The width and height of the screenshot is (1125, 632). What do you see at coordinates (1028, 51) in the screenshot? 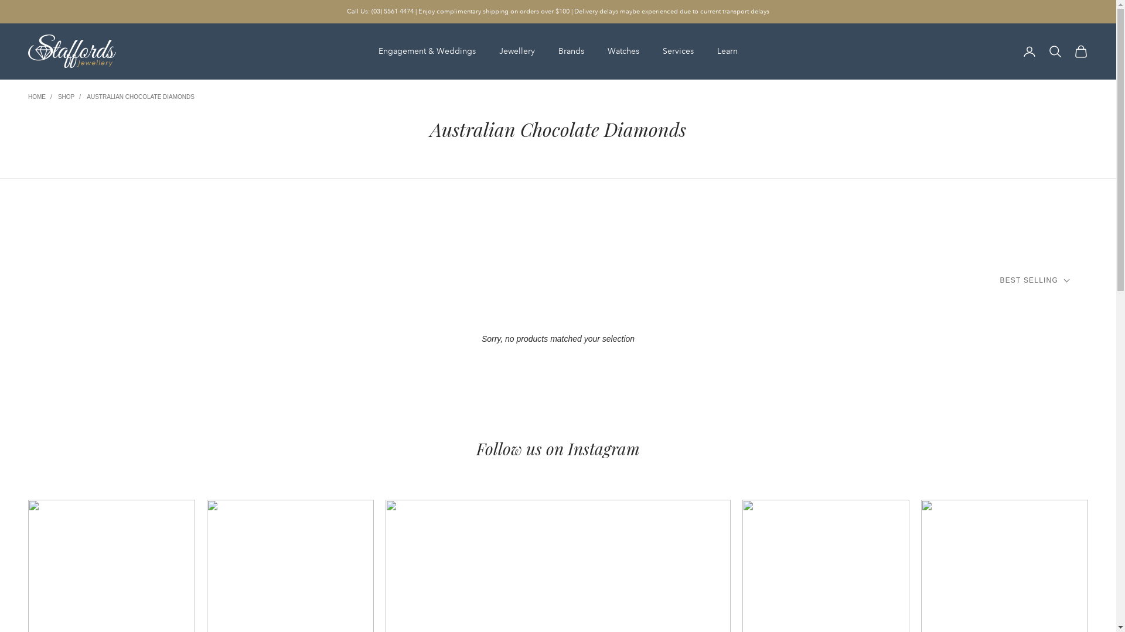
I see `'Open account page'` at bounding box center [1028, 51].